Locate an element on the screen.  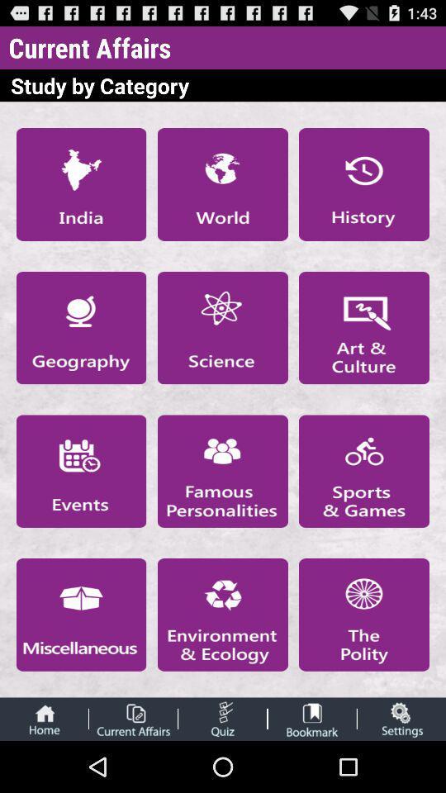
art culture is located at coordinates (364, 327).